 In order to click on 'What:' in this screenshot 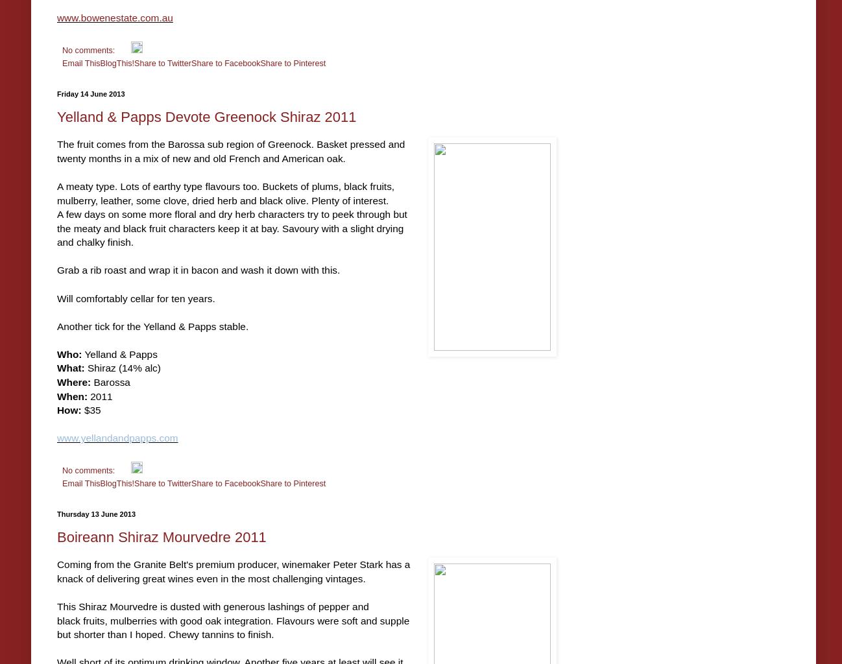, I will do `click(71, 367)`.